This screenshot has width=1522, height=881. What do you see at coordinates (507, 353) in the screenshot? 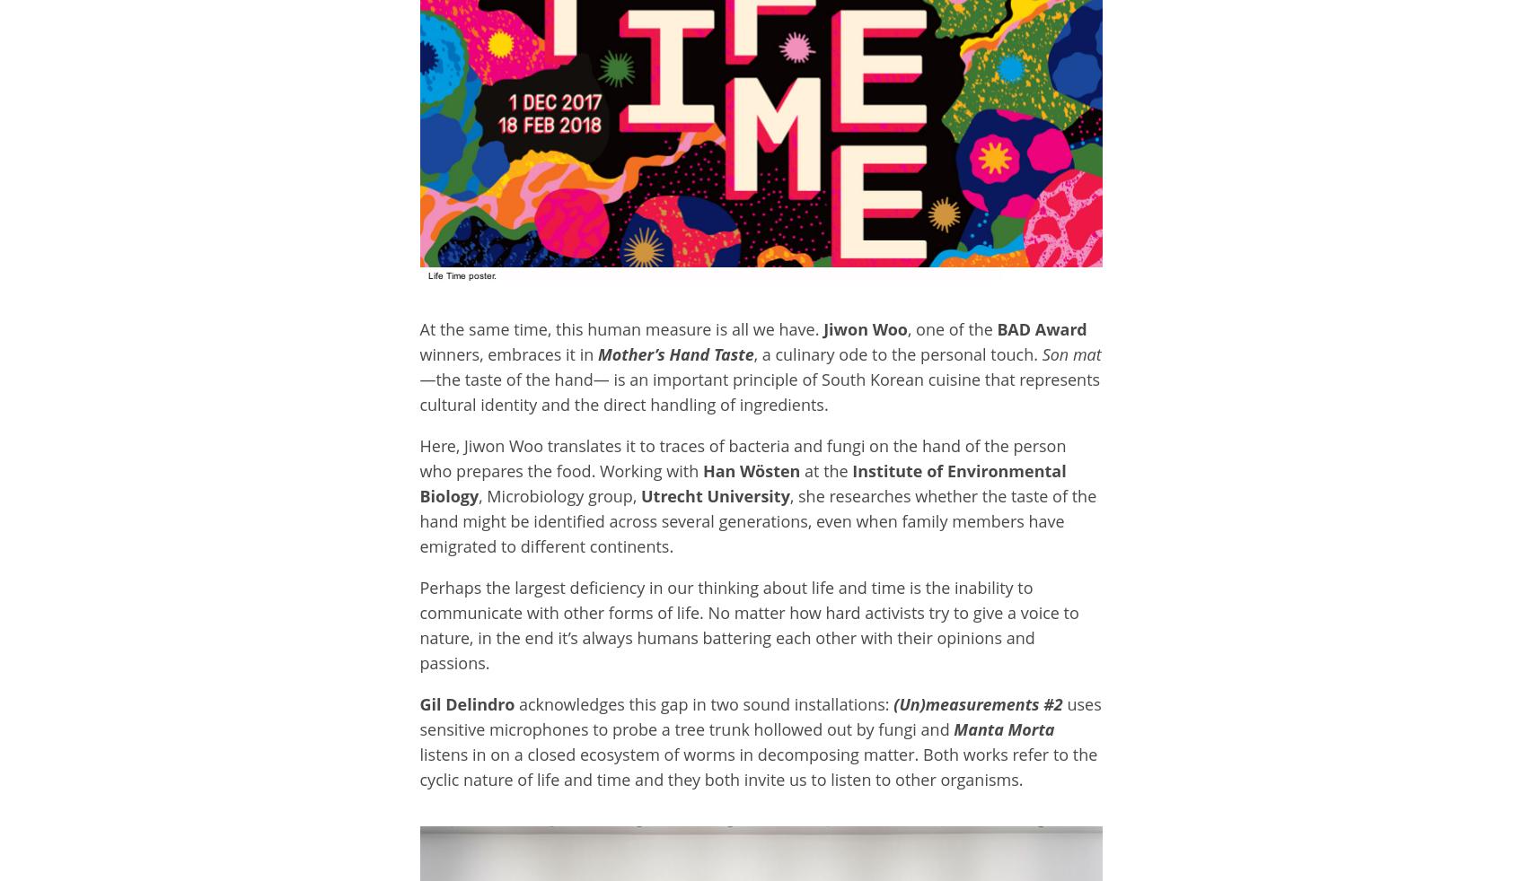
I see `'winners, embraces it in'` at bounding box center [507, 353].